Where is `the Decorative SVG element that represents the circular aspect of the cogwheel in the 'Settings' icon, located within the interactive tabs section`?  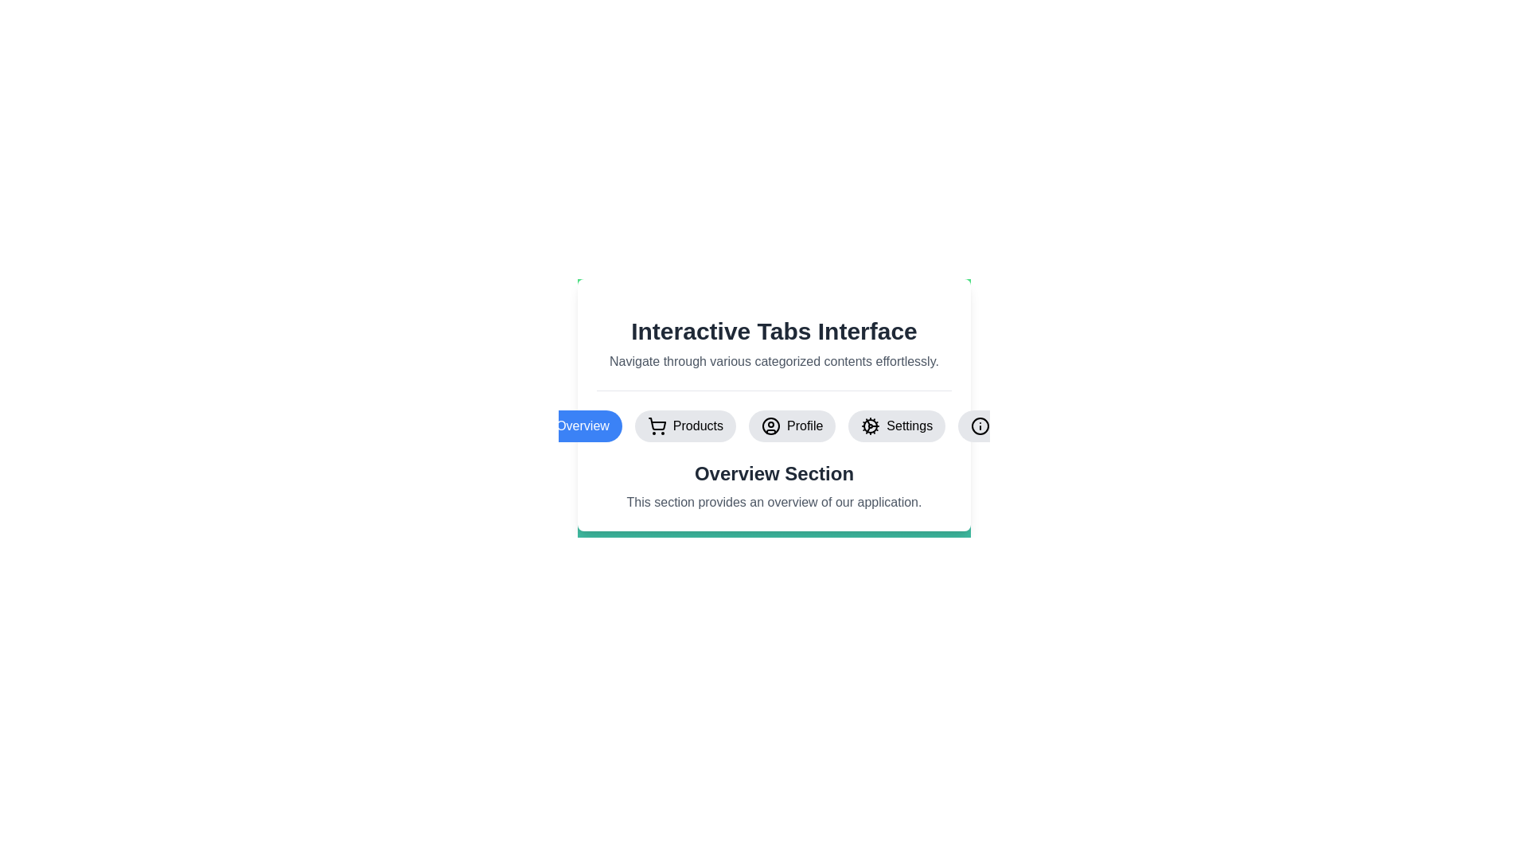 the Decorative SVG element that represents the circular aspect of the cogwheel in the 'Settings' icon, located within the interactive tabs section is located at coordinates (870, 426).